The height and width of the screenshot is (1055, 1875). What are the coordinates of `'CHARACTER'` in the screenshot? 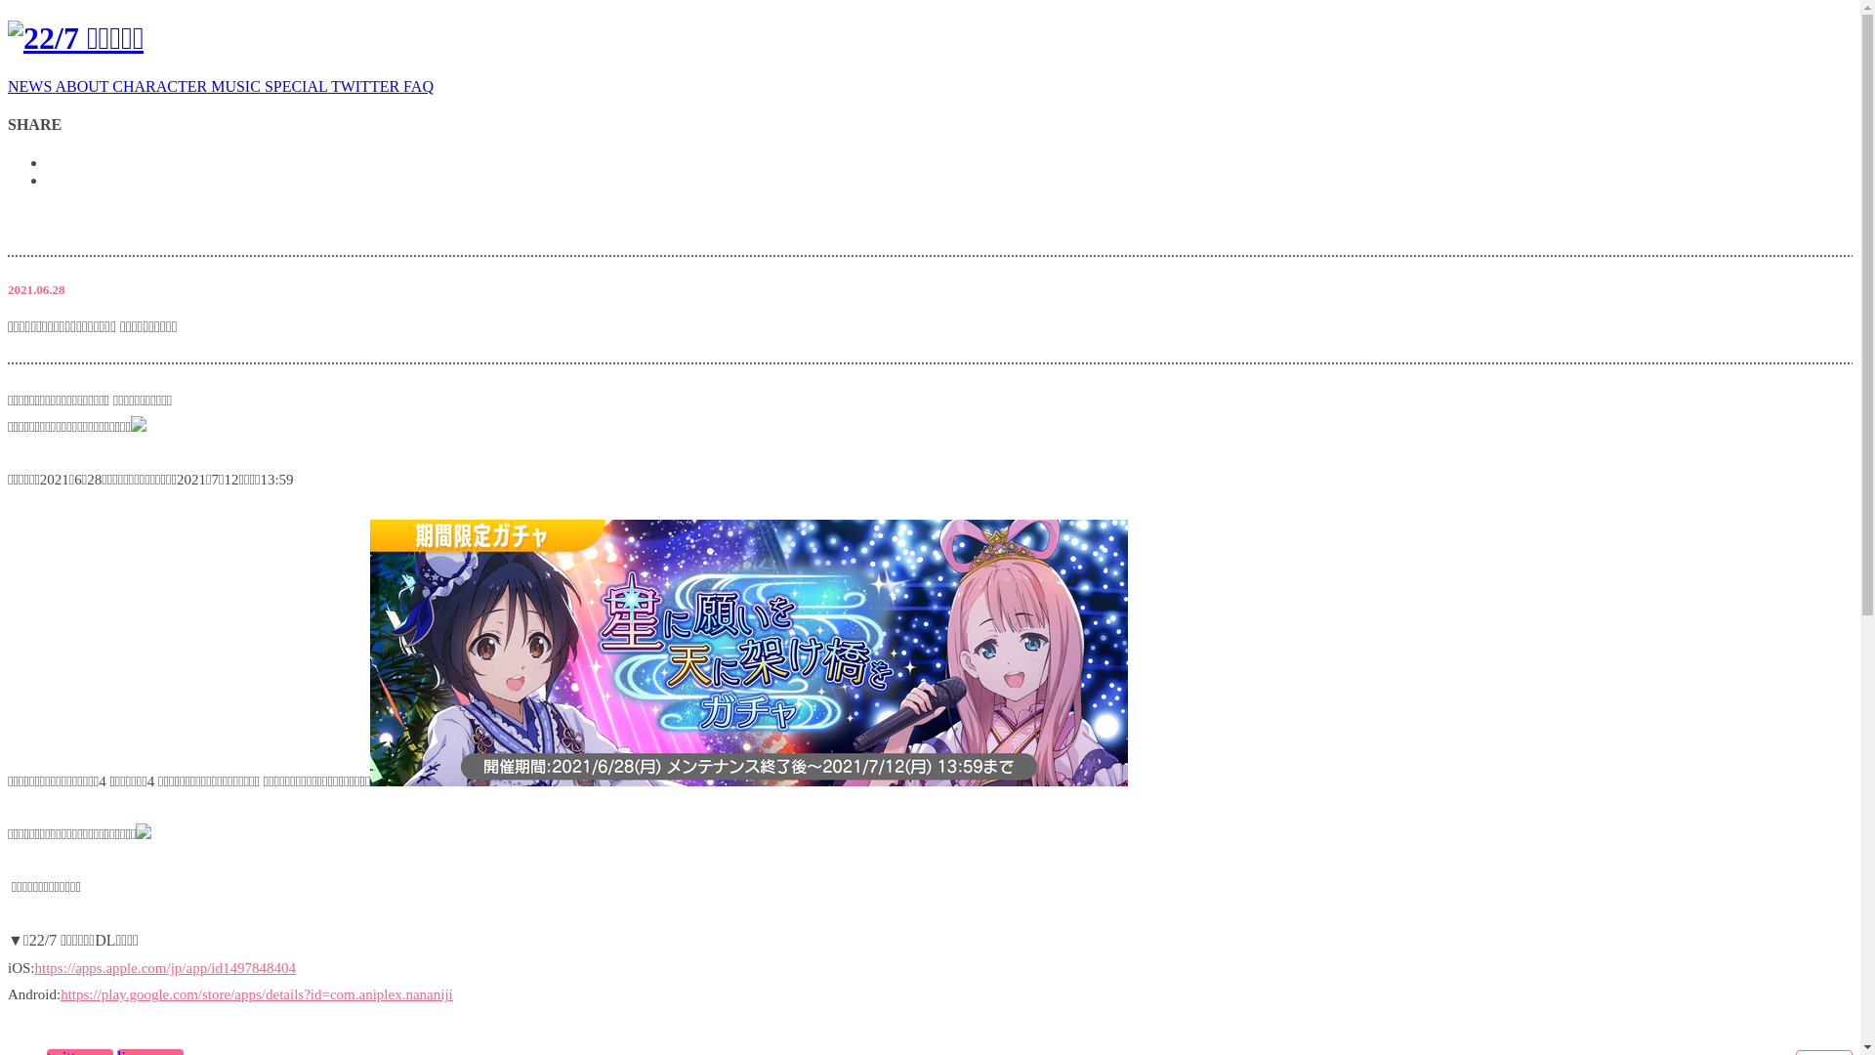 It's located at (161, 85).